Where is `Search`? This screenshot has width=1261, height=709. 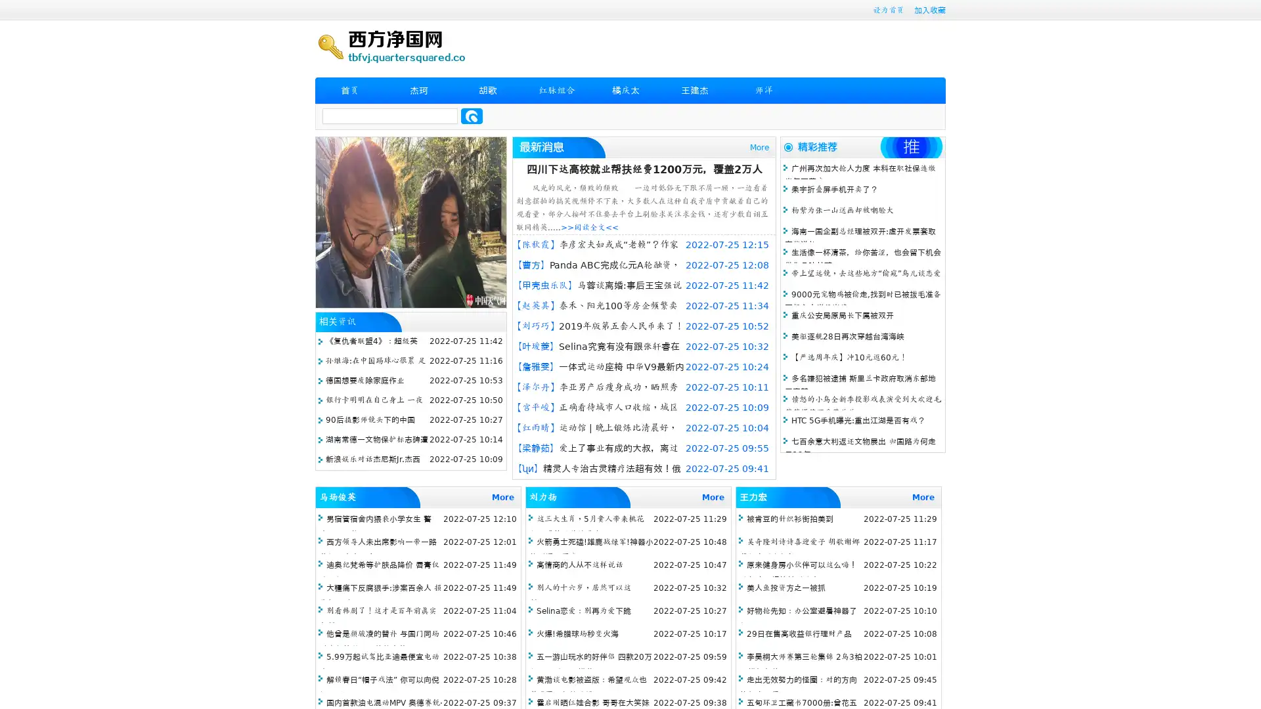
Search is located at coordinates (472, 116).